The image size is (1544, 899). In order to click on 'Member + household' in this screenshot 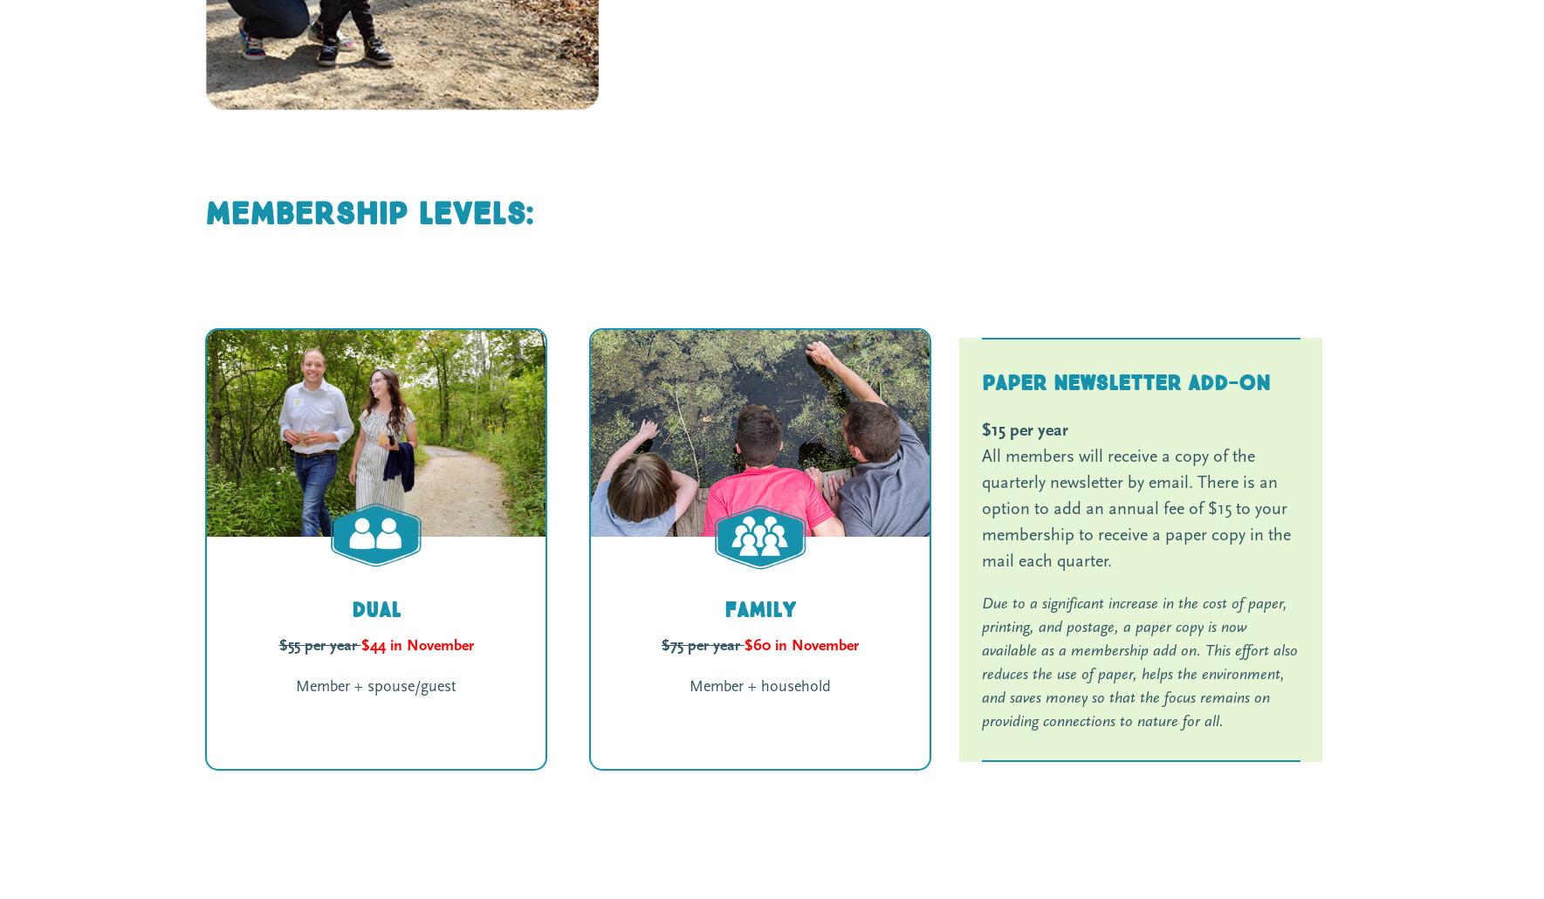, I will do `click(759, 685)`.